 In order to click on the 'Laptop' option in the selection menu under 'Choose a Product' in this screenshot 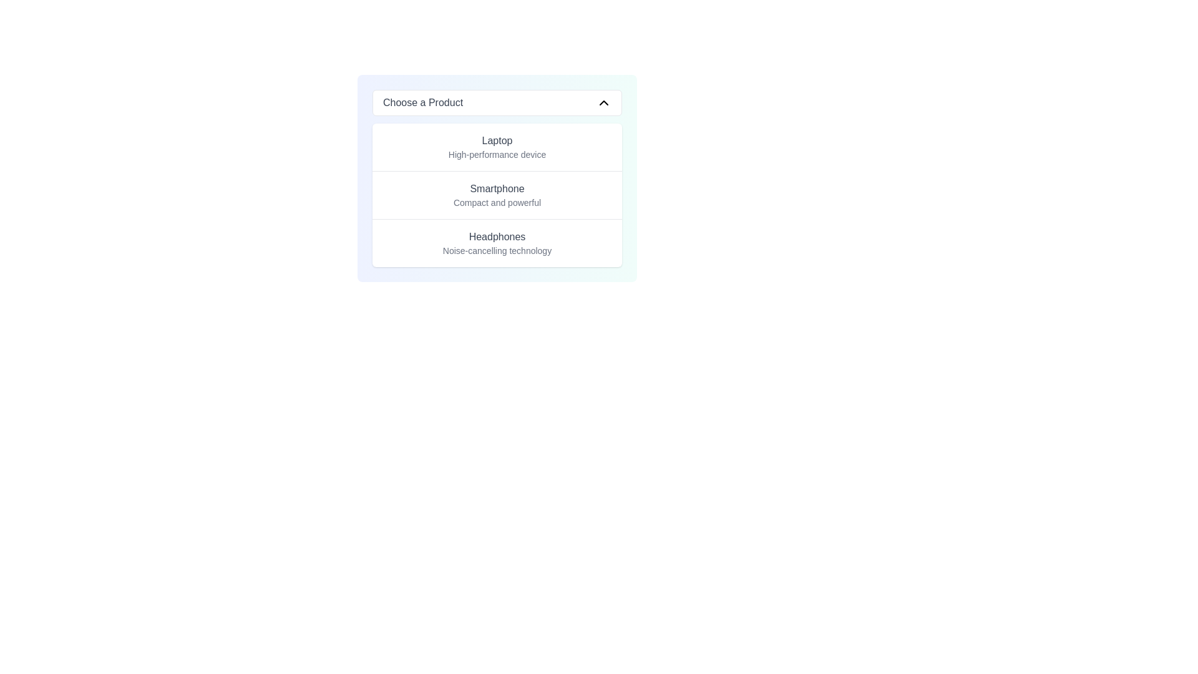, I will do `click(496, 140)`.